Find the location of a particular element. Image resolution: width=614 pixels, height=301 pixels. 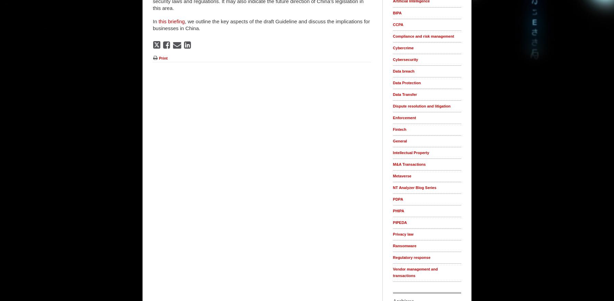

'NT Analyzer Blog Series' is located at coordinates (414, 187).